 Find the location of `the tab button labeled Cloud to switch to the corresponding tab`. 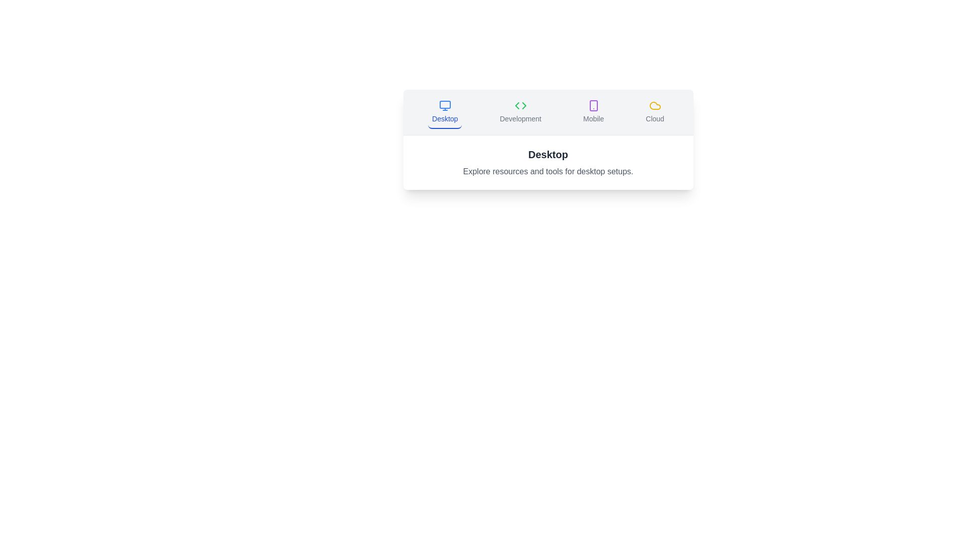

the tab button labeled Cloud to switch to the corresponding tab is located at coordinates (655, 112).